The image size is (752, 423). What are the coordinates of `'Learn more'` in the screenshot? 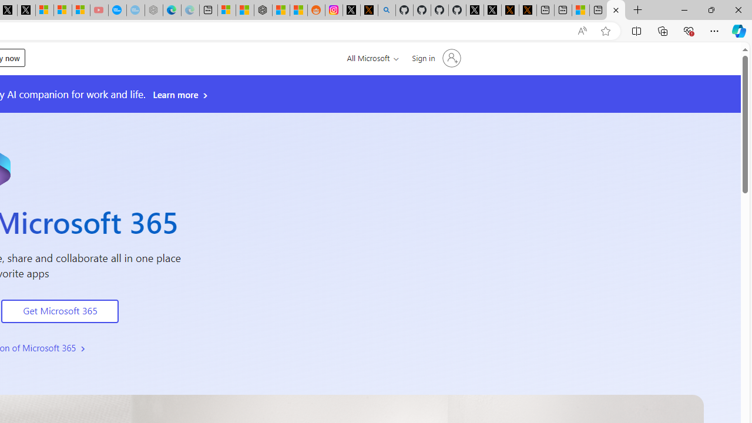 It's located at (180, 94).